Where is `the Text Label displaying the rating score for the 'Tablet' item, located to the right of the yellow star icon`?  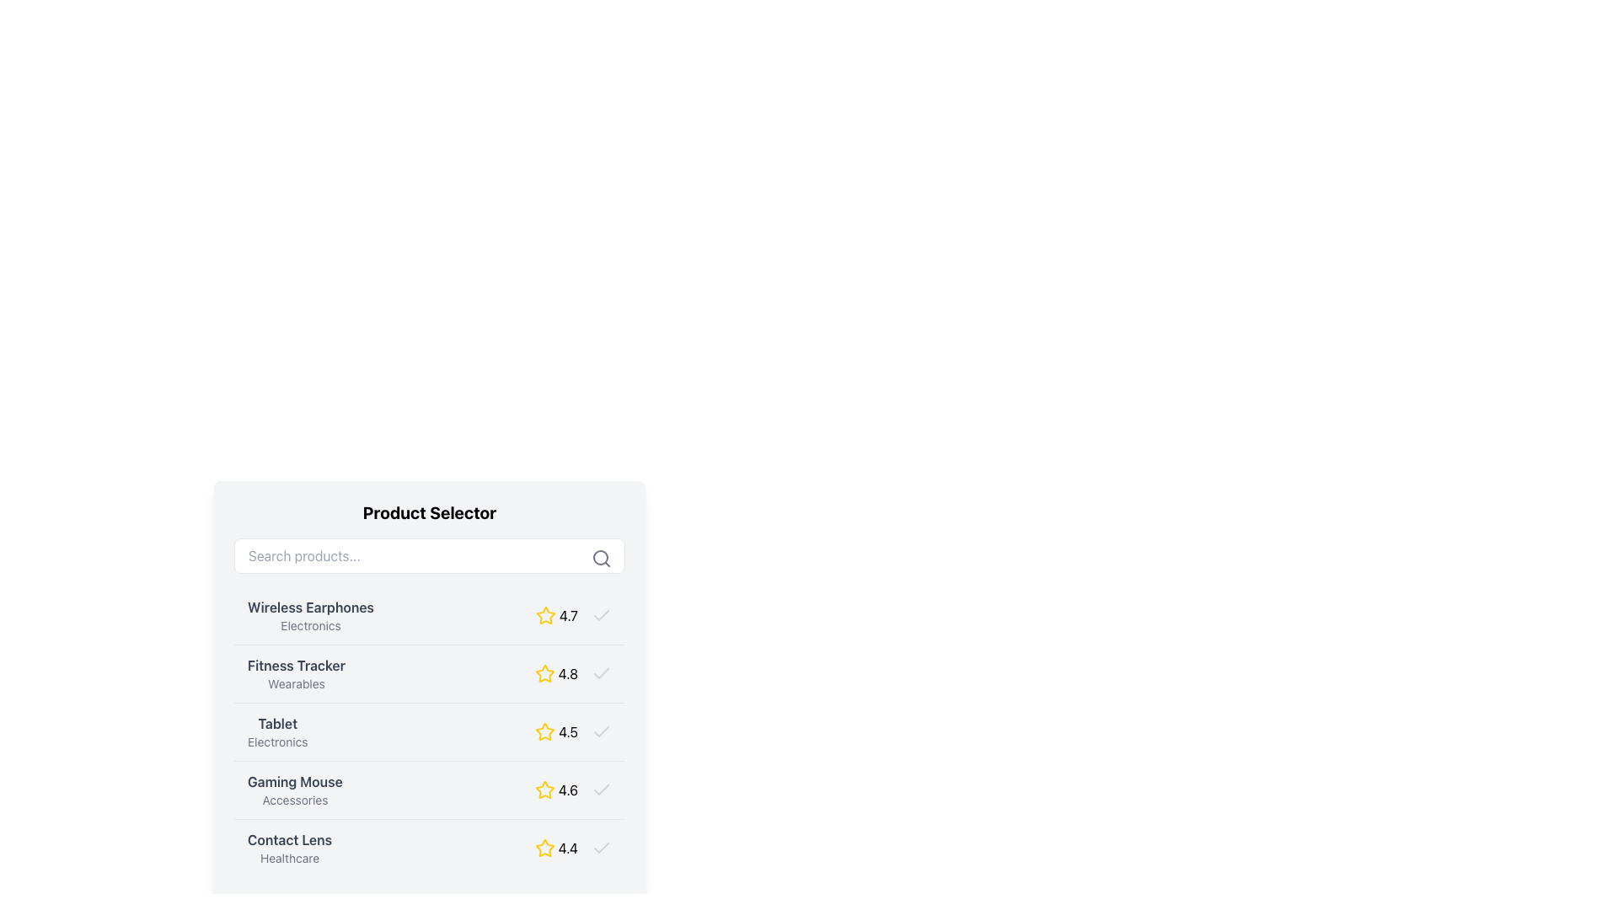
the Text Label displaying the rating score for the 'Tablet' item, located to the right of the yellow star icon is located at coordinates (568, 731).